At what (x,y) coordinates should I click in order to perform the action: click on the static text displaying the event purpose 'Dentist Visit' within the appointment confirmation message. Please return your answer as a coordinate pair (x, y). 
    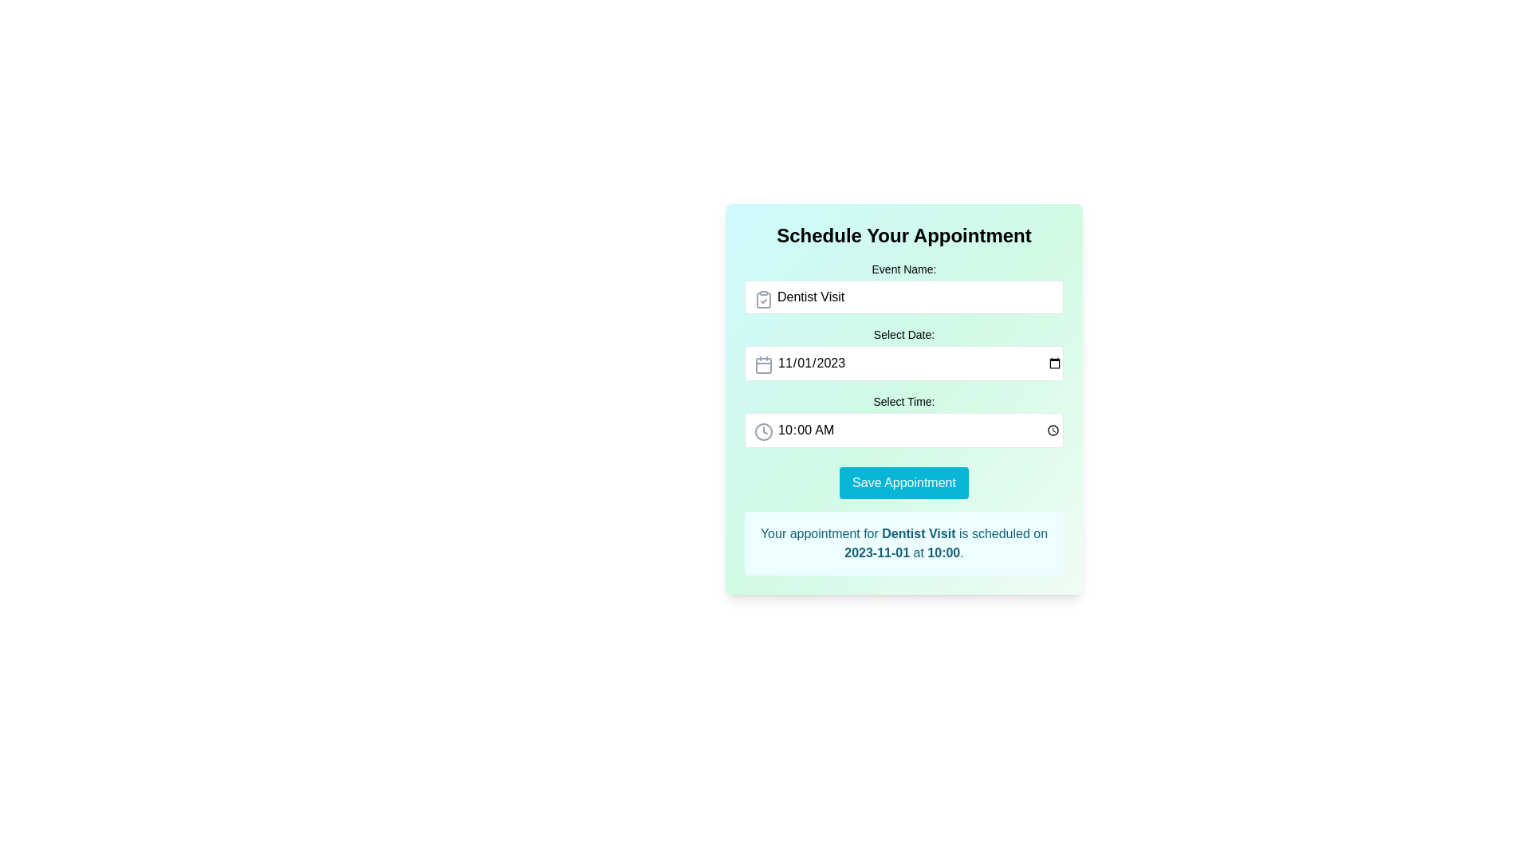
    Looking at the image, I should click on (919, 533).